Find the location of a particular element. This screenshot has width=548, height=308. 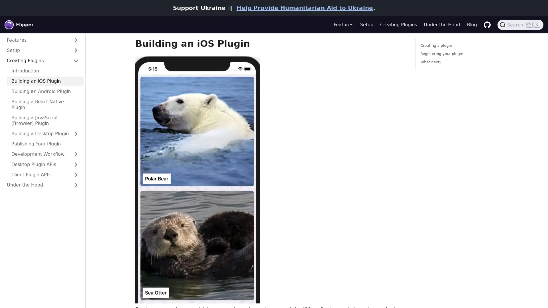

Search is located at coordinates (520, 25).